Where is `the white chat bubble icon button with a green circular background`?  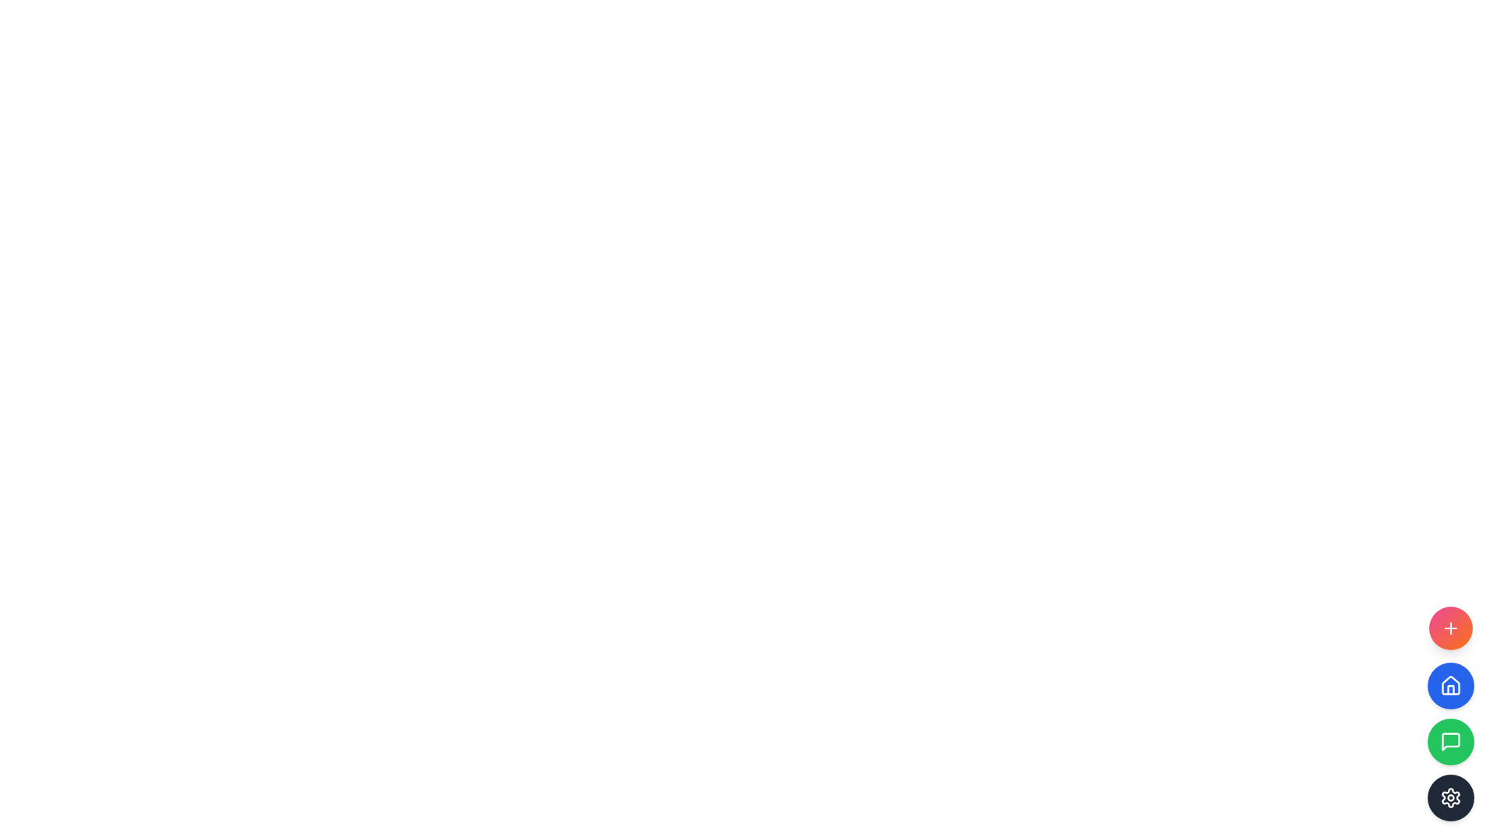 the white chat bubble icon button with a green circular background is located at coordinates (1450, 740).